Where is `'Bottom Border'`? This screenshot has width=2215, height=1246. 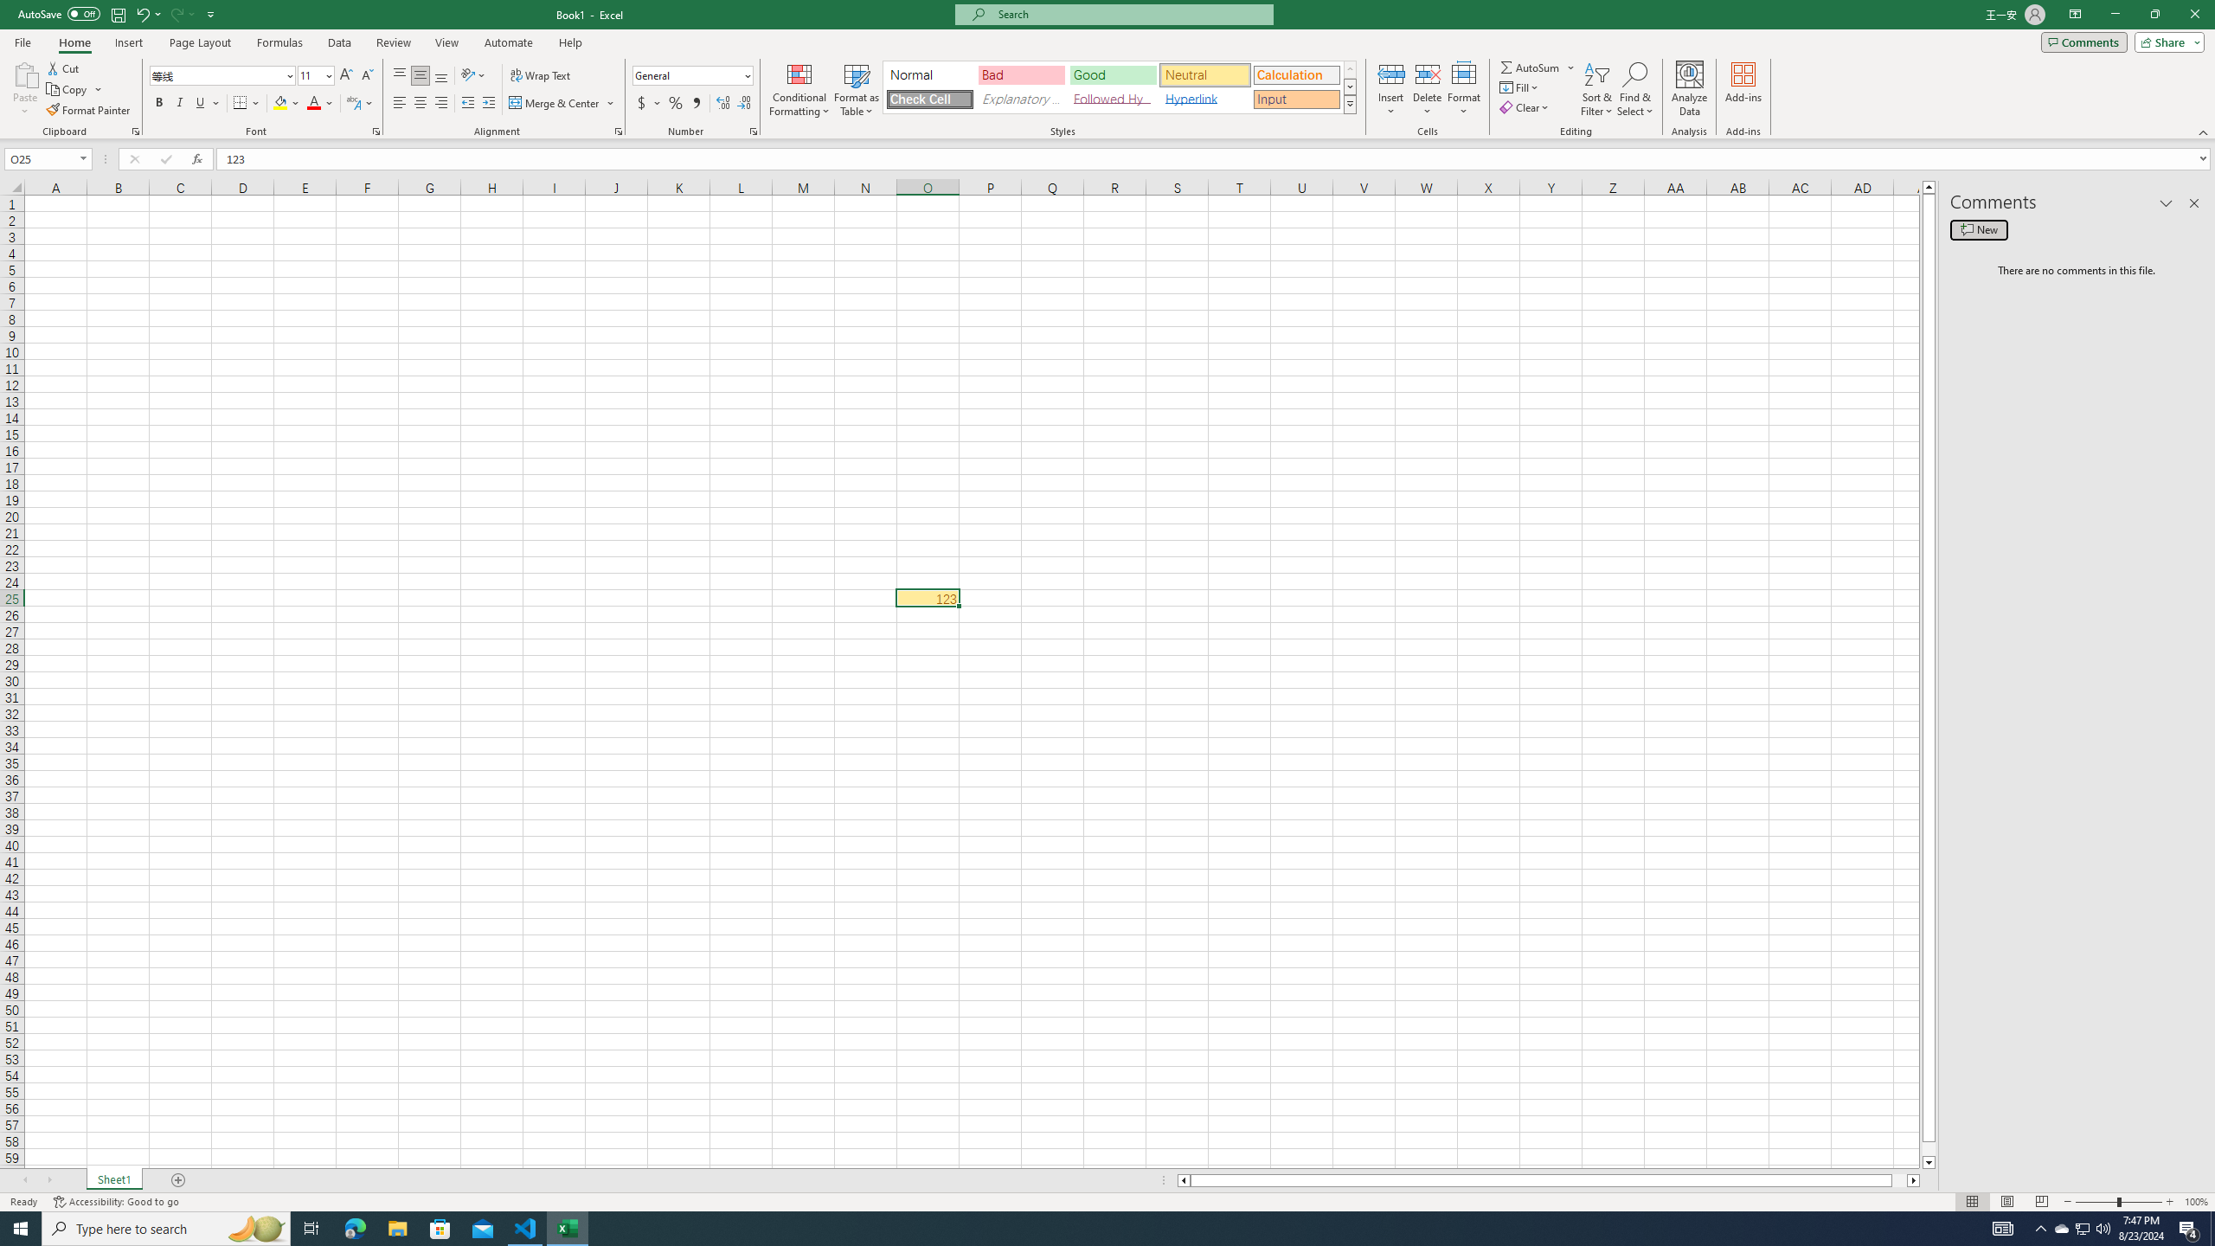 'Bottom Border' is located at coordinates (240, 102).